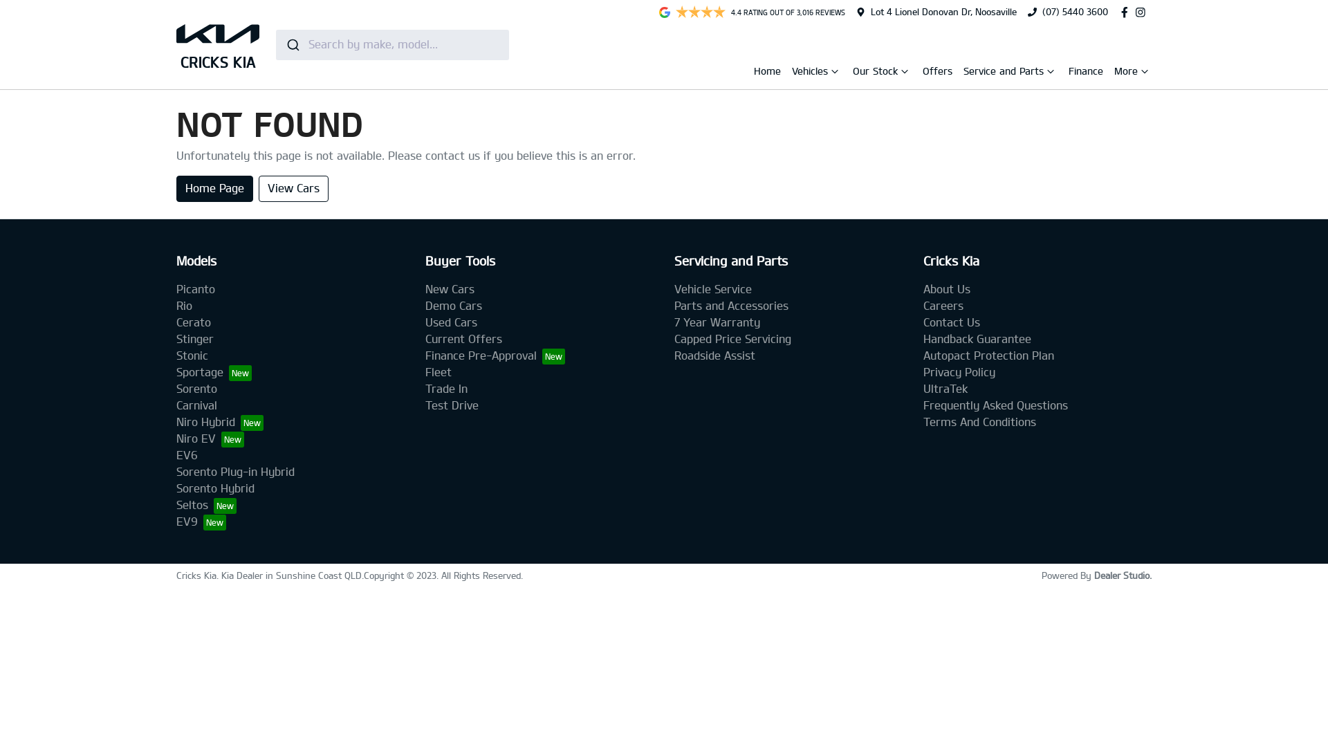  Describe the element at coordinates (923, 305) in the screenshot. I see `'Careers'` at that location.